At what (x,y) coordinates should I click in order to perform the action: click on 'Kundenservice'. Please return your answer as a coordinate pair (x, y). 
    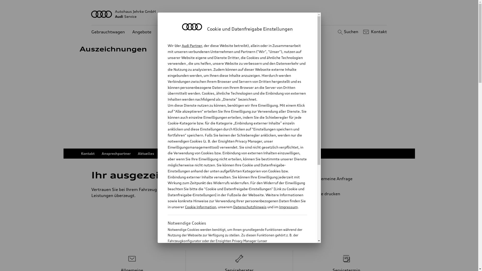
    Looking at the image, I should click on (173, 32).